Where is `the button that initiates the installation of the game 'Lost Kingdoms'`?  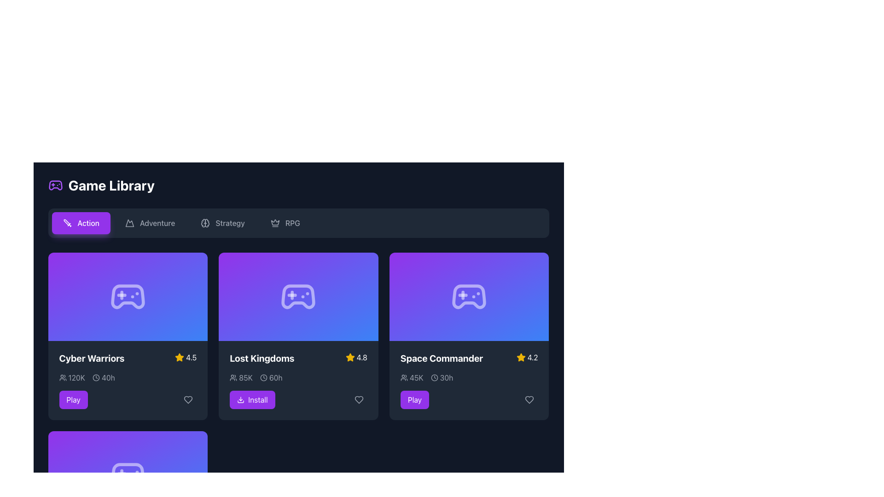 the button that initiates the installation of the game 'Lost Kingdoms' is located at coordinates (252, 399).